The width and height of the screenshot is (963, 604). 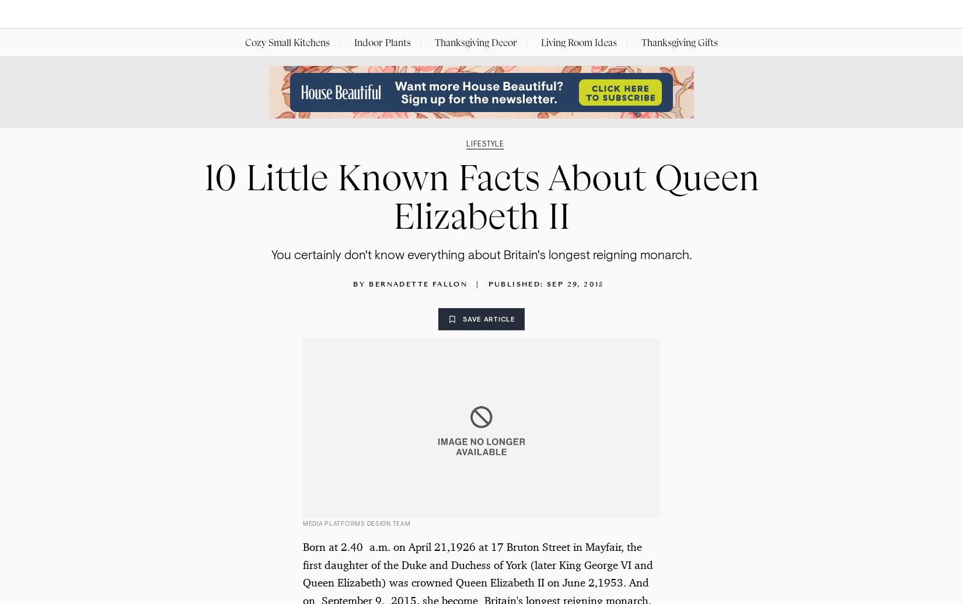 What do you see at coordinates (480, 44) in the screenshot?
I see `'Some of the material incorporated into contemporary outfits by her Personal Assistant and Senior Dresser, Angela Kelly, dates back to the days when she was still a Princess.'` at bounding box center [480, 44].